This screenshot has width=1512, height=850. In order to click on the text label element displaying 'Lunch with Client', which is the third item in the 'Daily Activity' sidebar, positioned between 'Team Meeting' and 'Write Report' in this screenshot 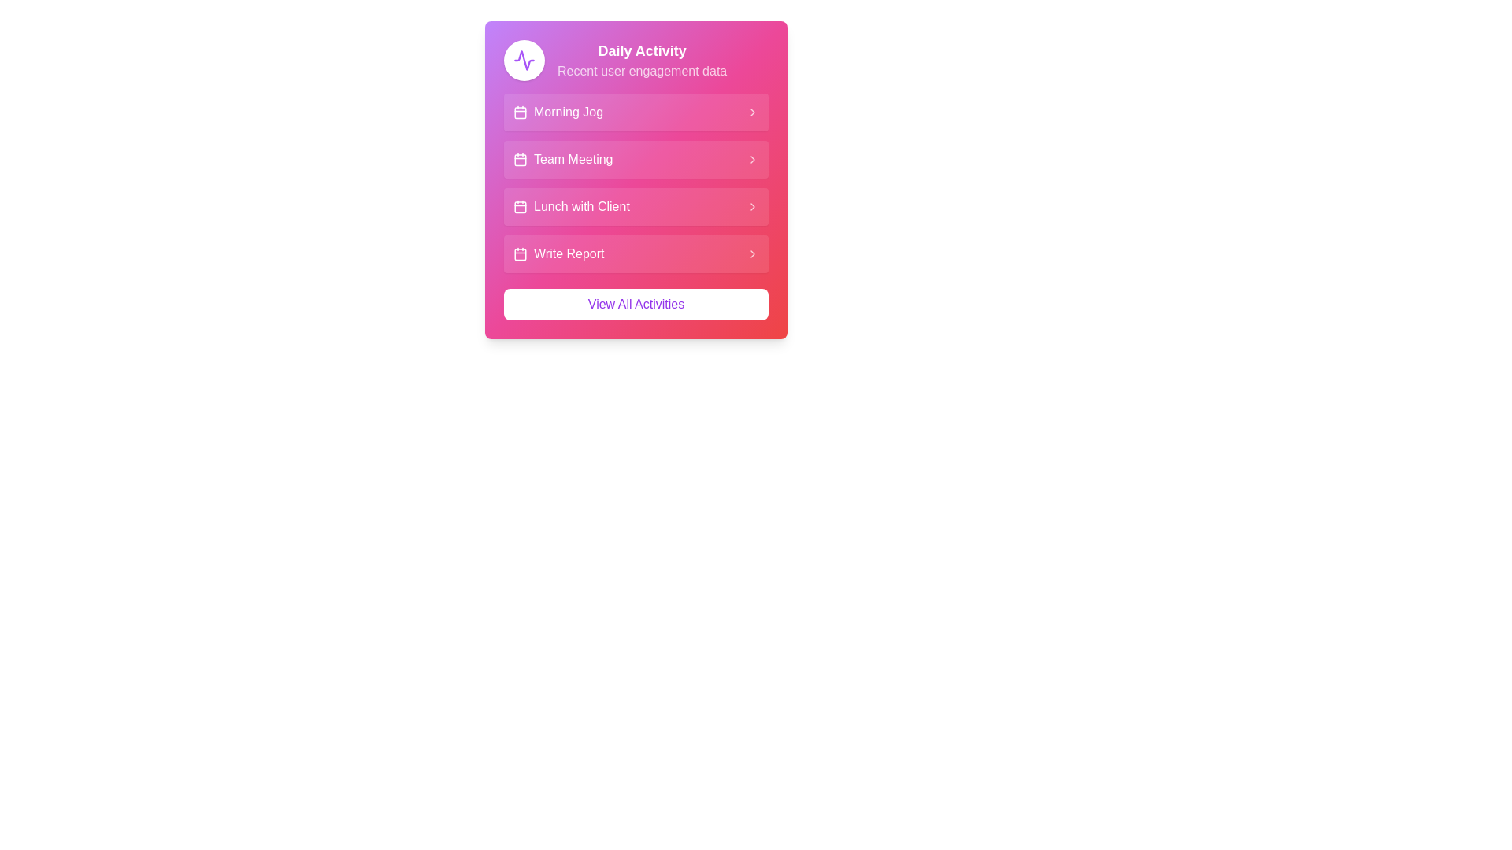, I will do `click(581, 205)`.